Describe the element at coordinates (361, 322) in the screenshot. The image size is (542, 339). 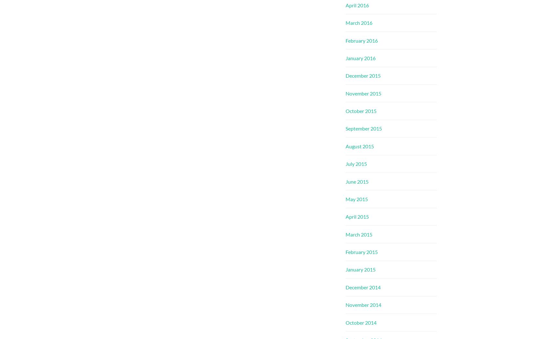
I see `'October 2014'` at that location.